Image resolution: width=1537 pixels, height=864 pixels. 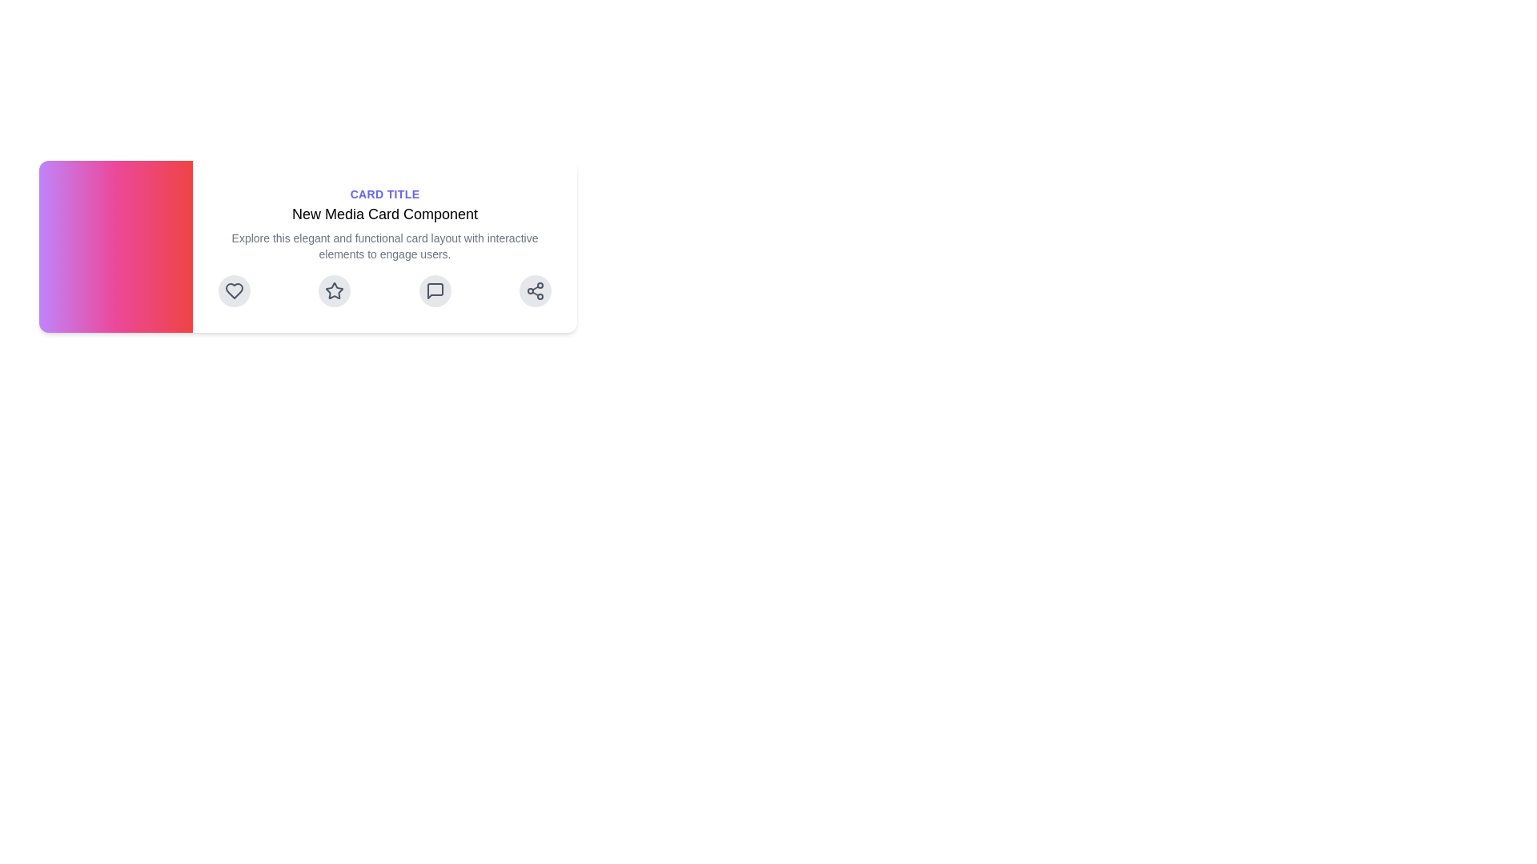 What do you see at coordinates (435, 290) in the screenshot?
I see `the third circular button which allows users` at bounding box center [435, 290].